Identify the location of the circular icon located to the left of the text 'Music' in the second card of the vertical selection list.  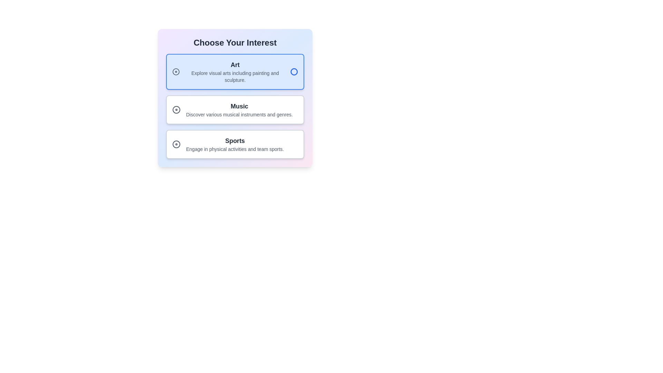
(176, 109).